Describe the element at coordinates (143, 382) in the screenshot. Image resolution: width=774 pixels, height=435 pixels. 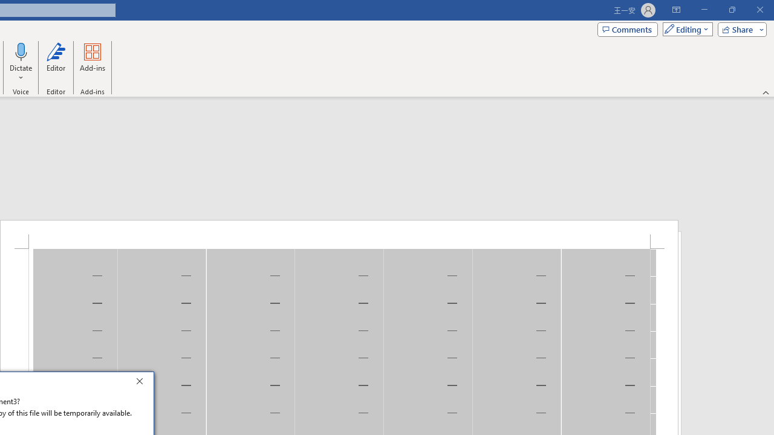
I see `'Close'` at that location.